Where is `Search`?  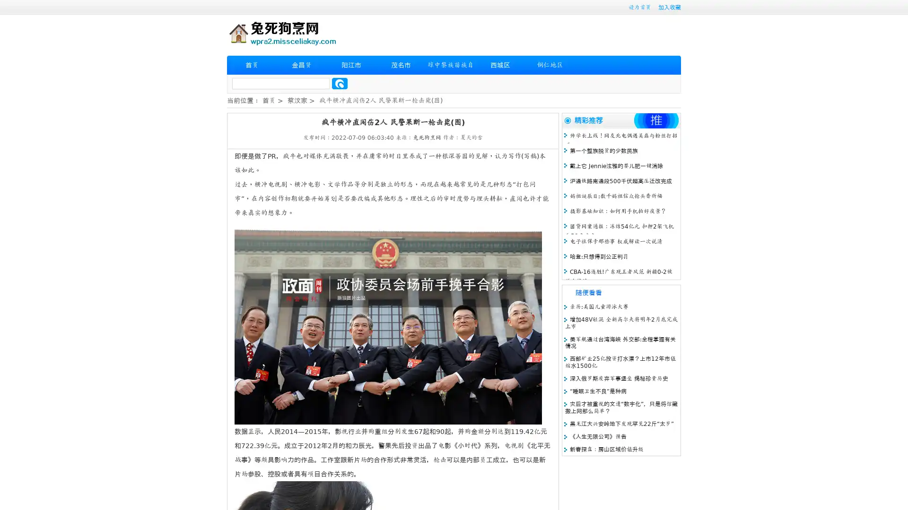 Search is located at coordinates (340, 83).